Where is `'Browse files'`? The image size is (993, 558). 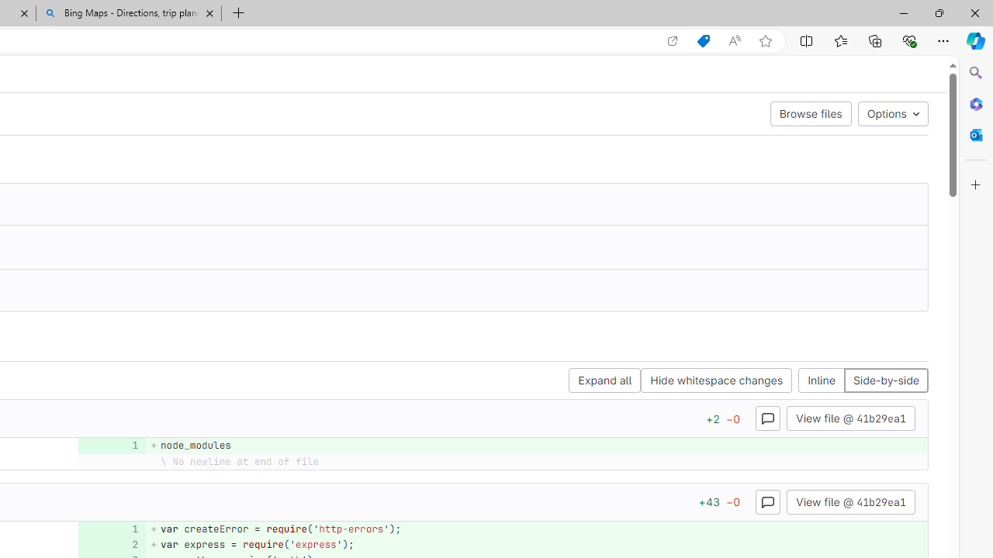
'Browse files' is located at coordinates (810, 112).